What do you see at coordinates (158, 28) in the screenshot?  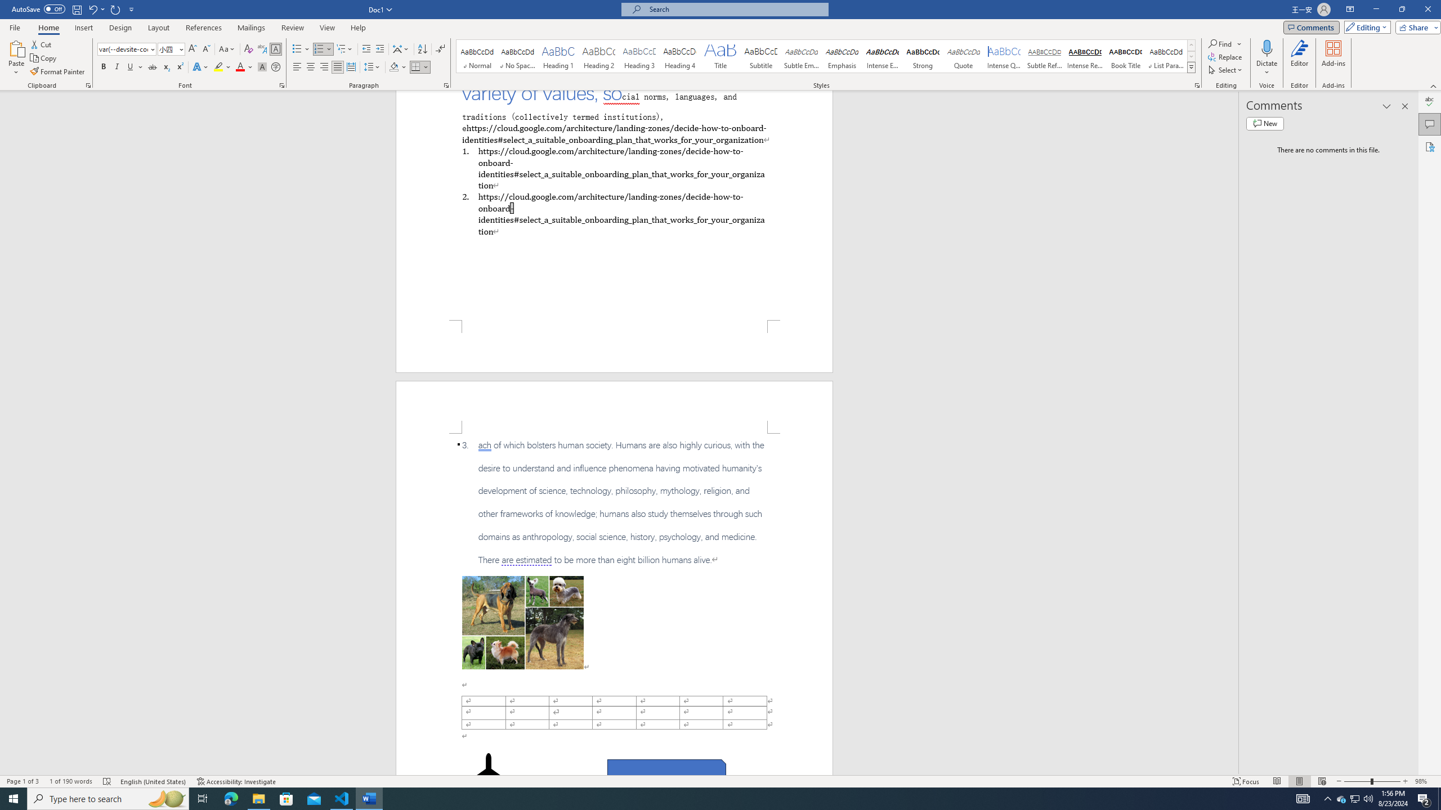 I see `'Layout'` at bounding box center [158, 28].